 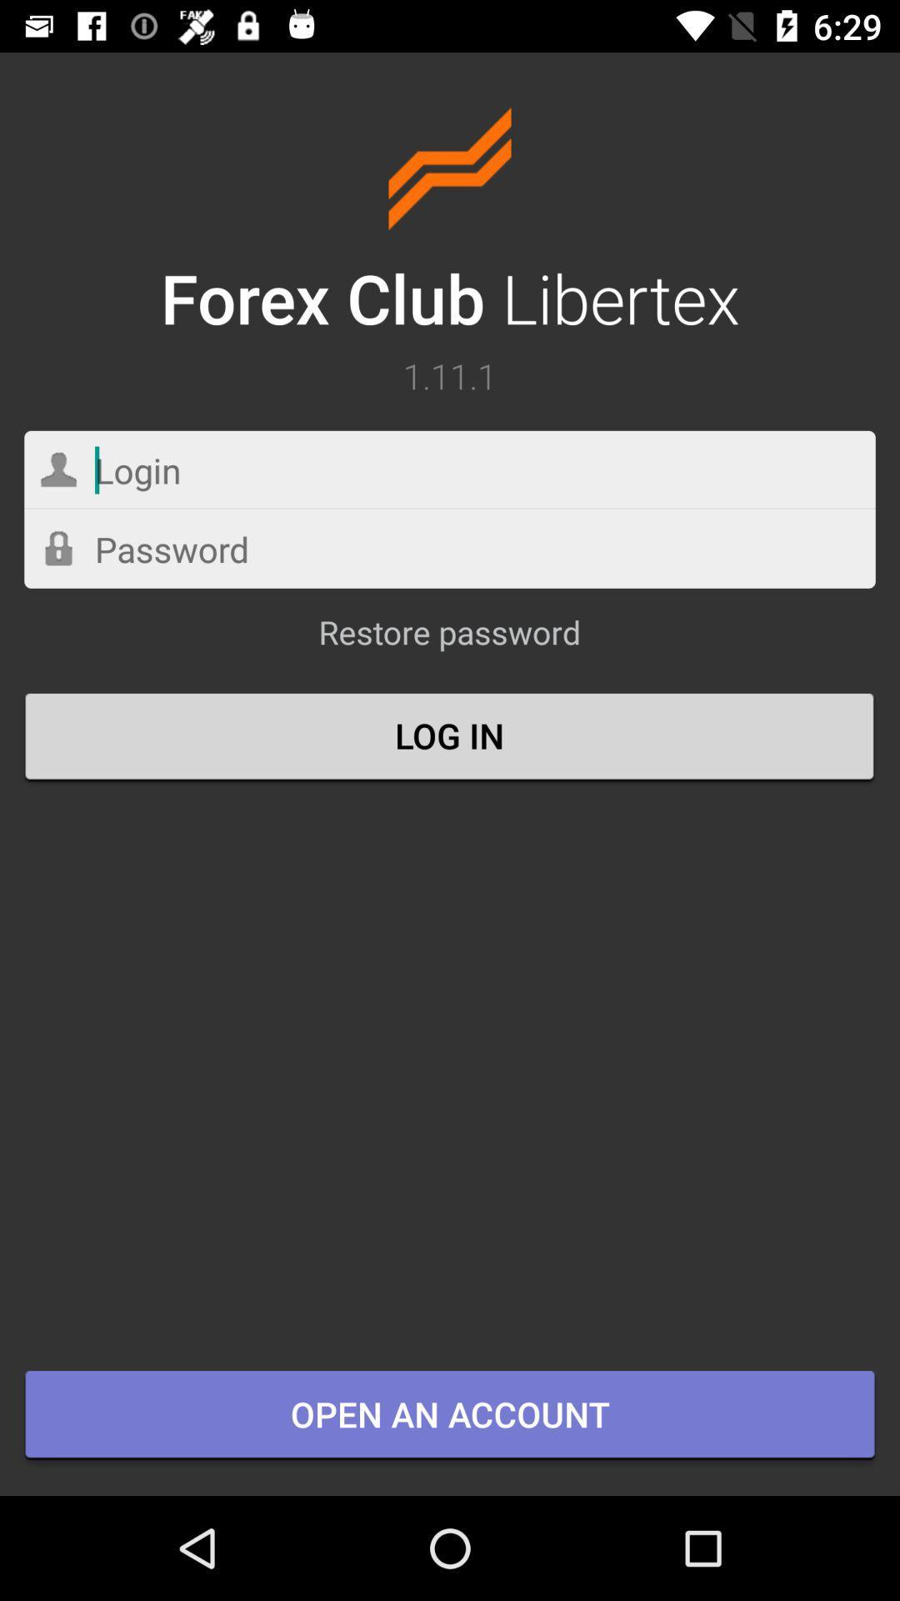 What do you see at coordinates (450, 469) in the screenshot?
I see `the icon below the 1.11.1 icon` at bounding box center [450, 469].